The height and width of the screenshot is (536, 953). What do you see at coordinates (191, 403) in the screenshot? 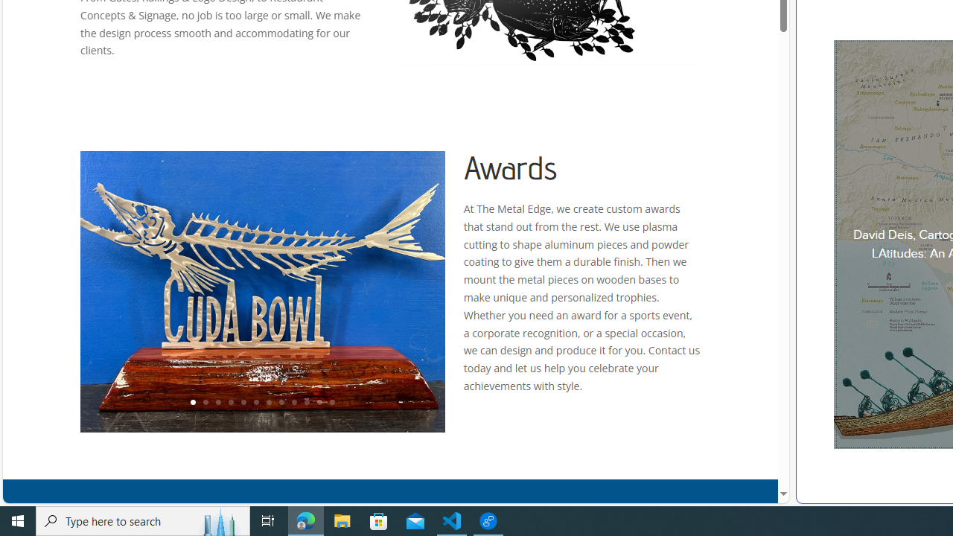
I see `'1'` at bounding box center [191, 403].